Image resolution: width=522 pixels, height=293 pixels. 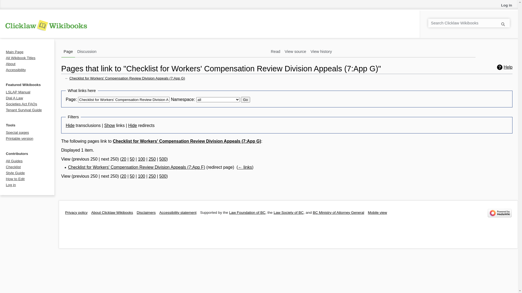 What do you see at coordinates (61, 50) in the screenshot?
I see `'Page'` at bounding box center [61, 50].